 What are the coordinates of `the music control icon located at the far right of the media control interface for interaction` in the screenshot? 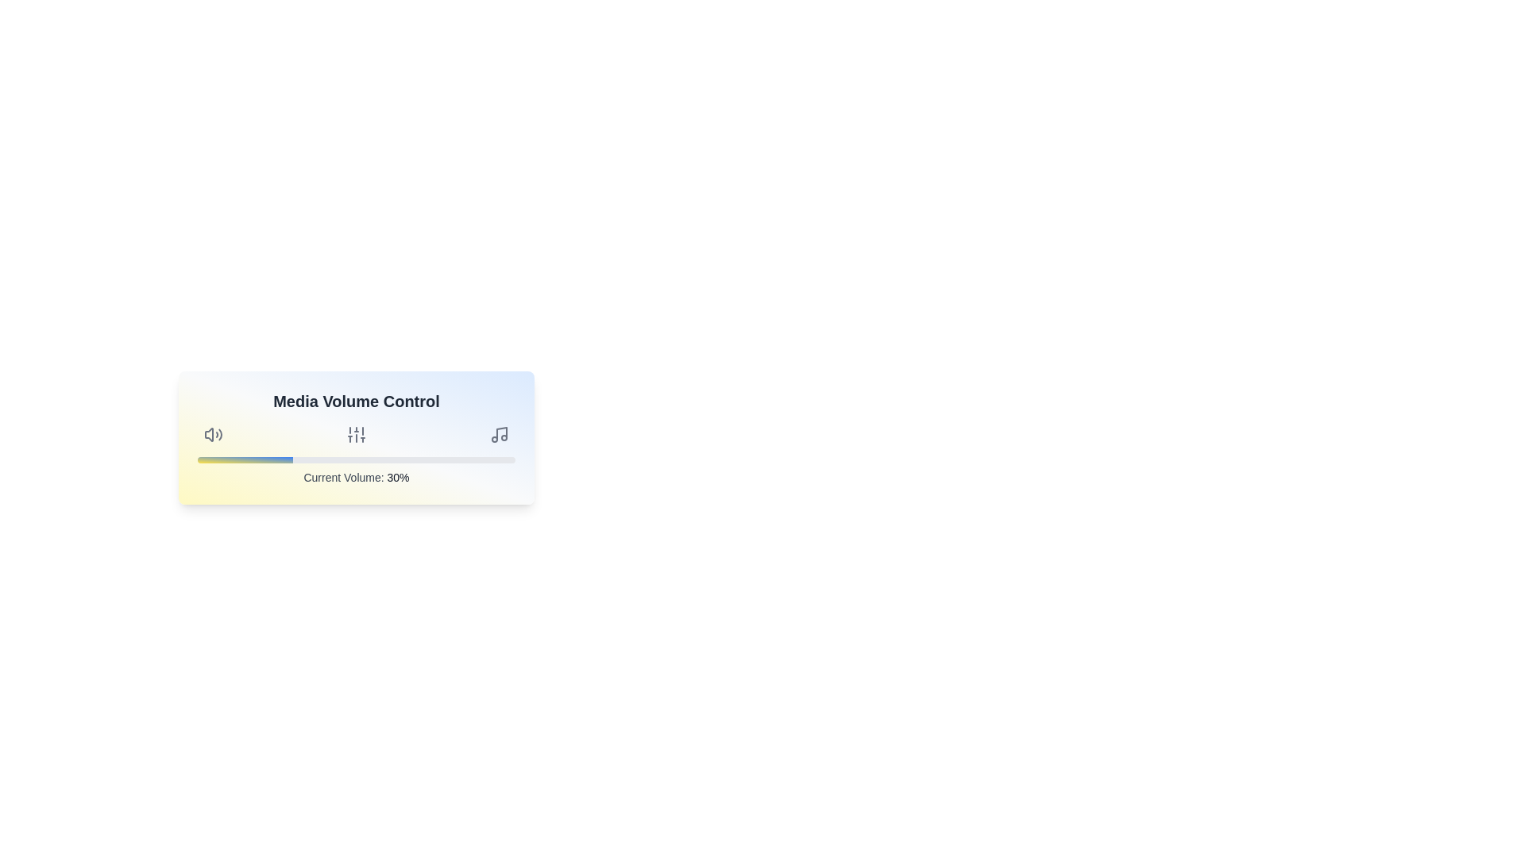 It's located at (501, 433).